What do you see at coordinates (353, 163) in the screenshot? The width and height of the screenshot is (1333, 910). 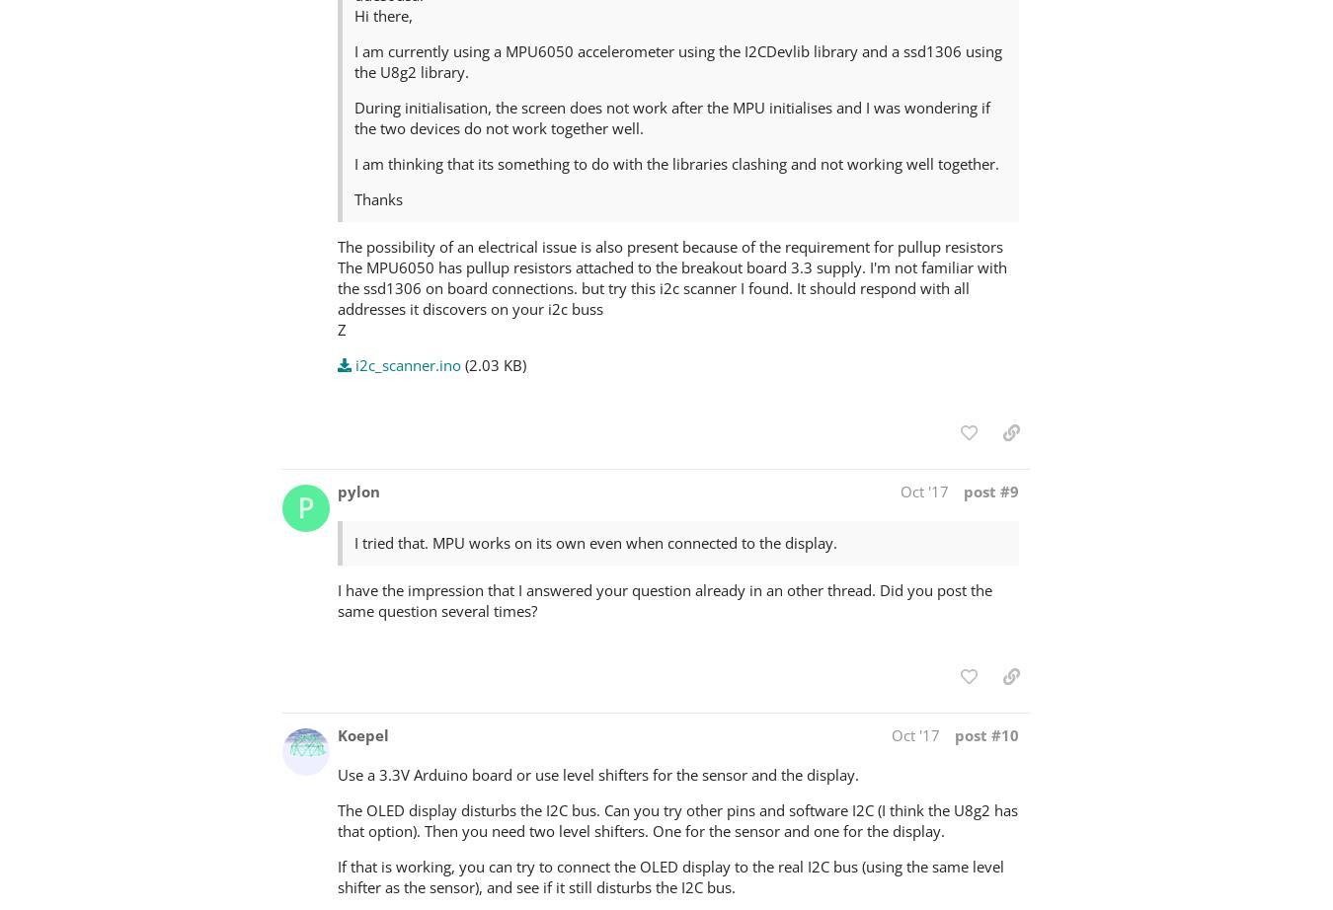 I see `'I am thinking that its something to do with the libraries clashing and not working well together.'` at bounding box center [353, 163].